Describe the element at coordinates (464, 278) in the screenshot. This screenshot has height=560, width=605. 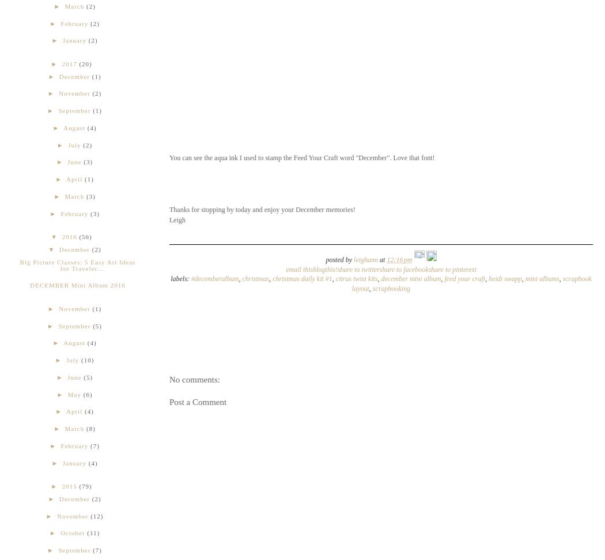
I see `'Feed your craft'` at that location.